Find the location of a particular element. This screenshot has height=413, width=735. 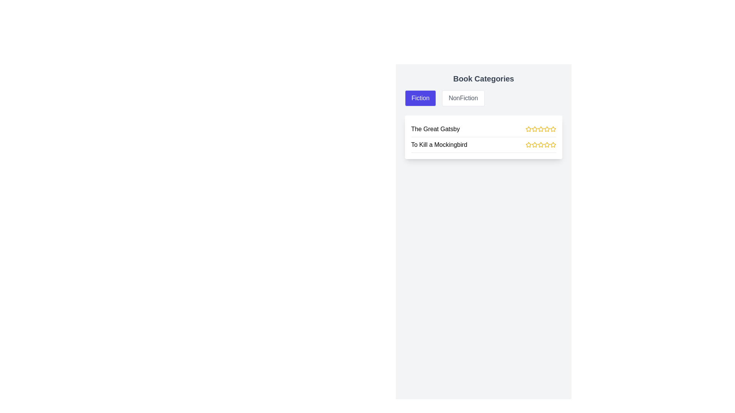

the first star icon in the rating interface for 'The Great Gatsby' to rate it is located at coordinates (528, 129).